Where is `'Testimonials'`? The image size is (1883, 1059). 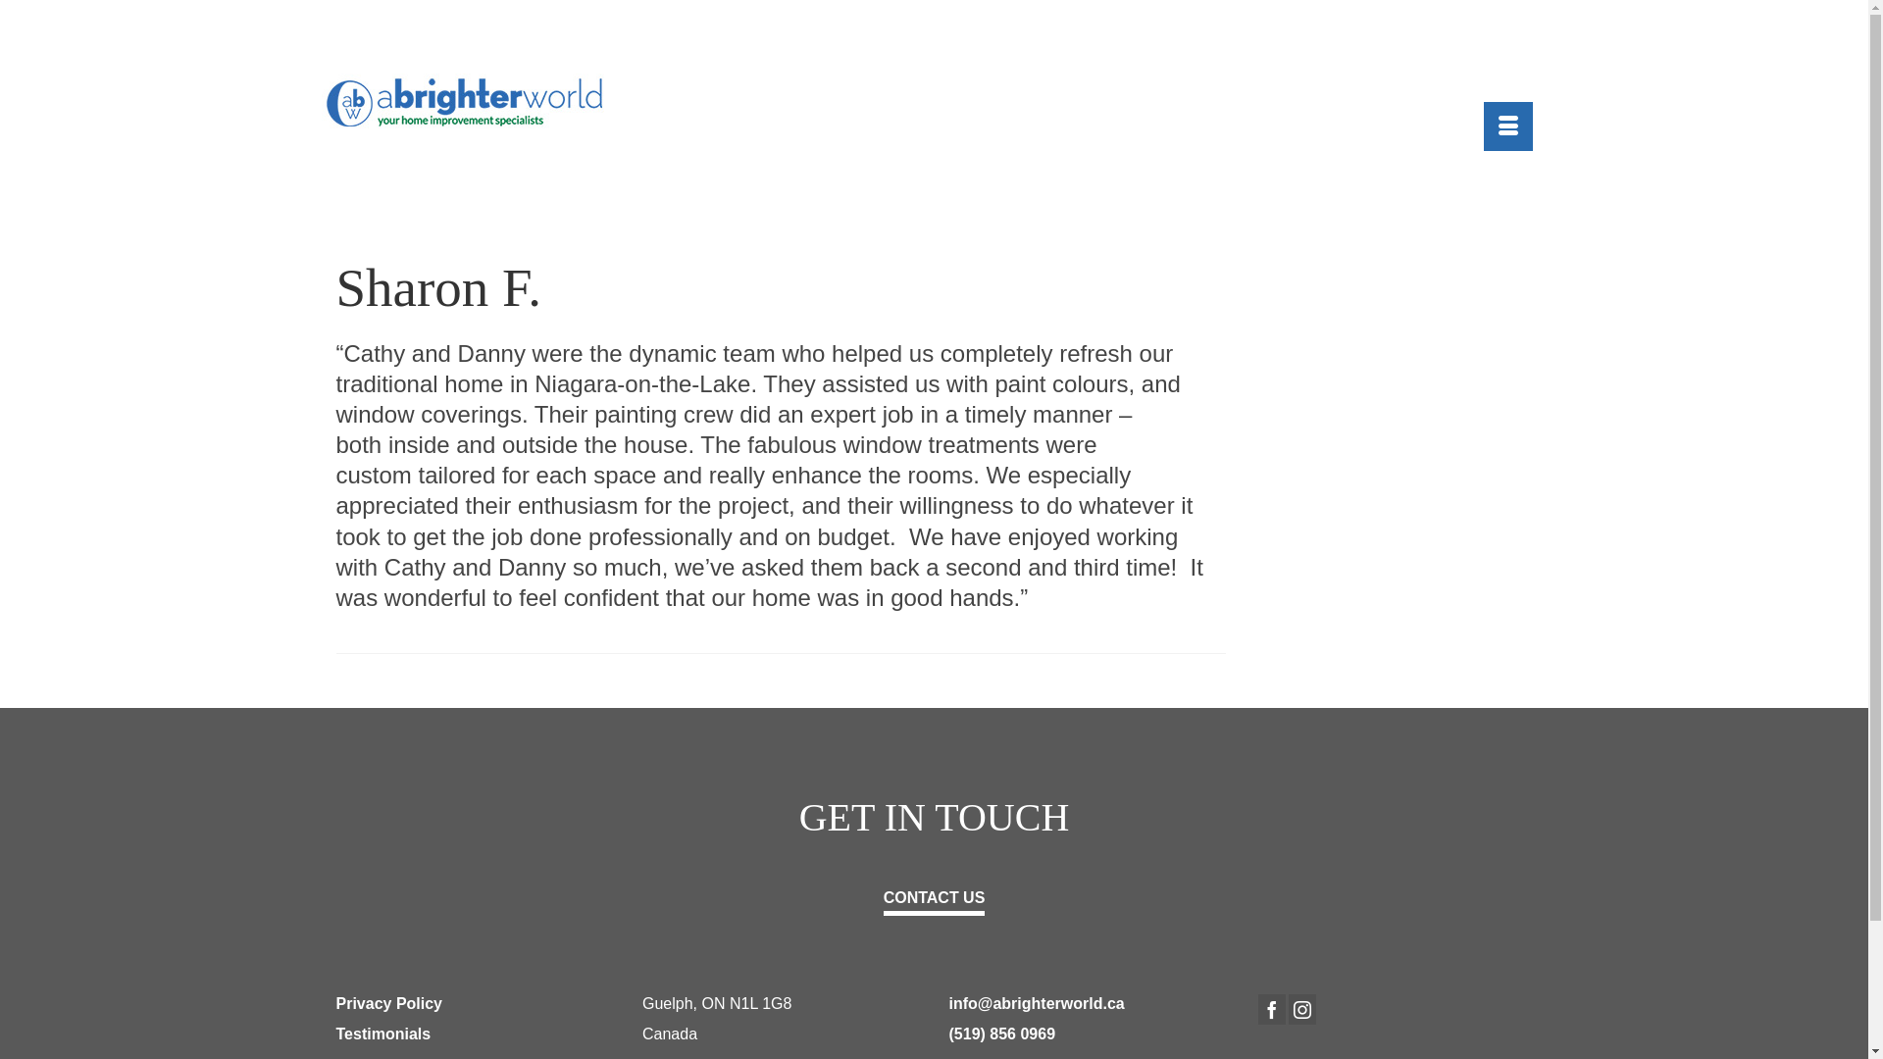 'Testimonials' is located at coordinates (382, 1033).